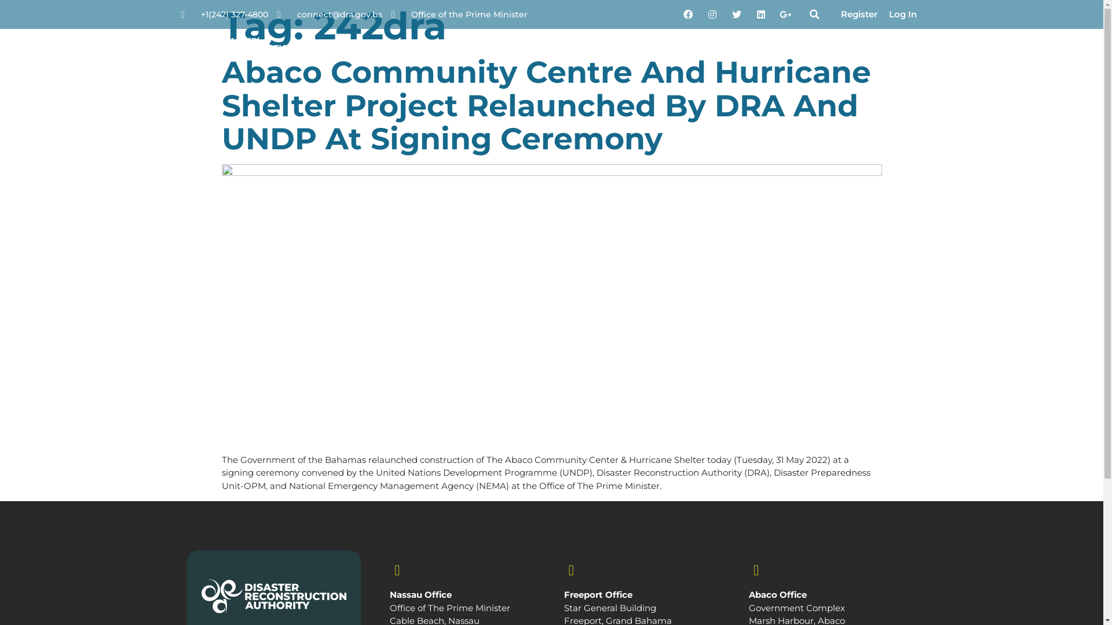 The width and height of the screenshot is (1112, 625). What do you see at coordinates (902, 14) in the screenshot?
I see `'Log In'` at bounding box center [902, 14].